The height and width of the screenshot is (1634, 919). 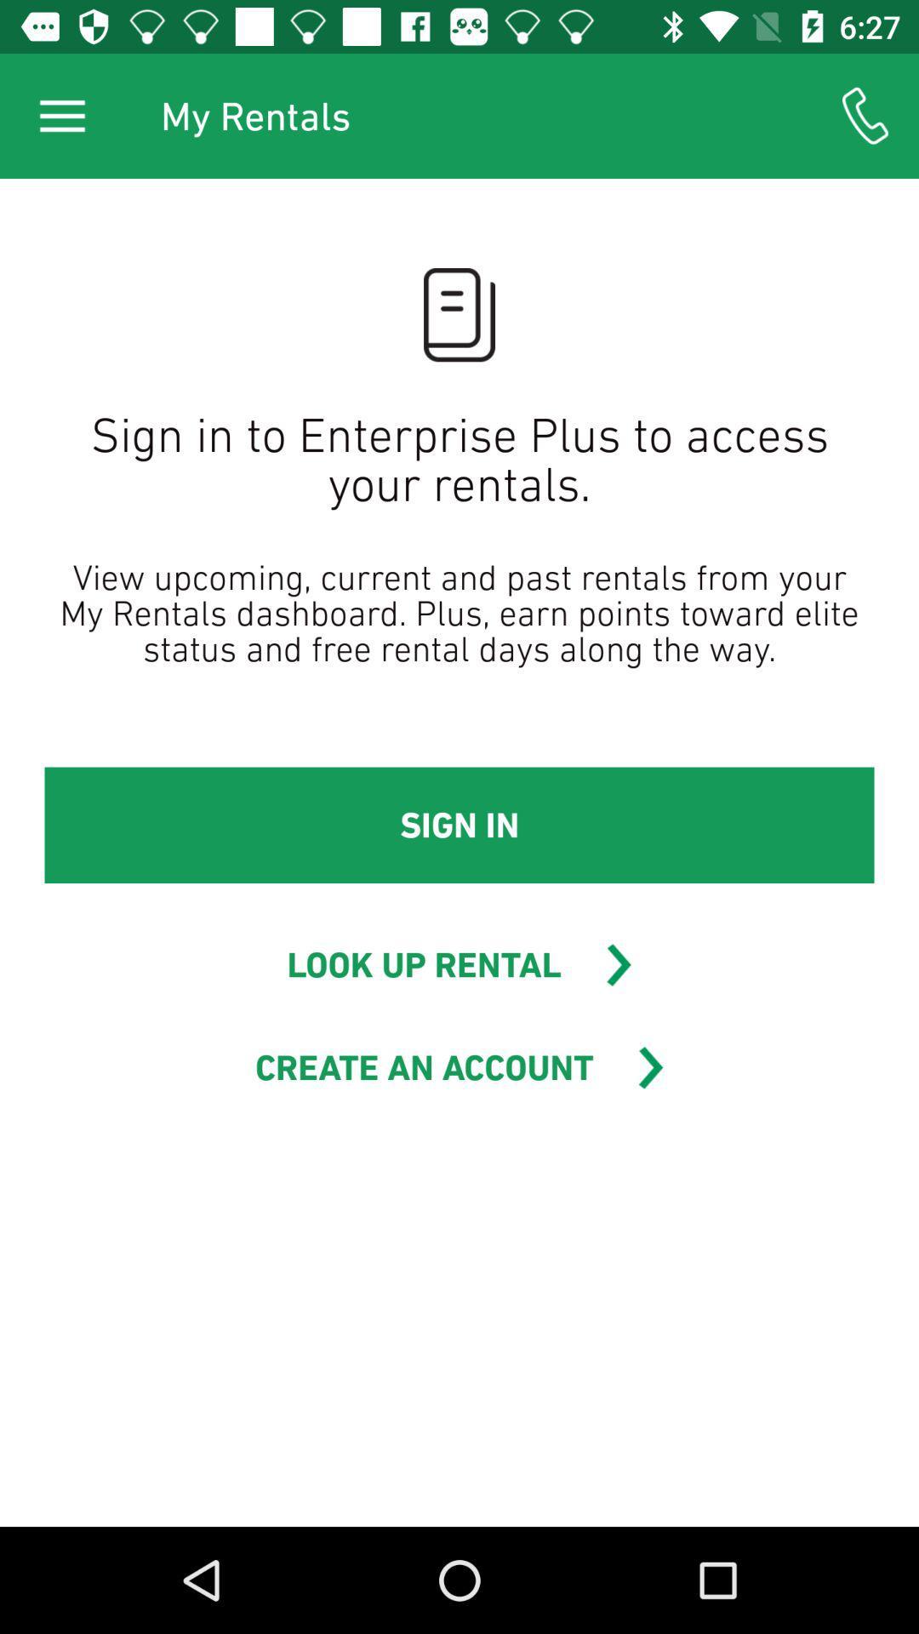 What do you see at coordinates (865, 115) in the screenshot?
I see `icon above sign in to item` at bounding box center [865, 115].